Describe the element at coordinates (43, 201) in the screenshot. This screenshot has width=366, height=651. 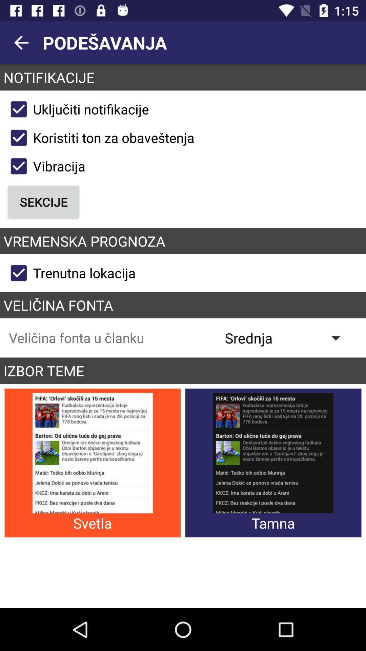
I see `item above the vremenska prognoza` at that location.